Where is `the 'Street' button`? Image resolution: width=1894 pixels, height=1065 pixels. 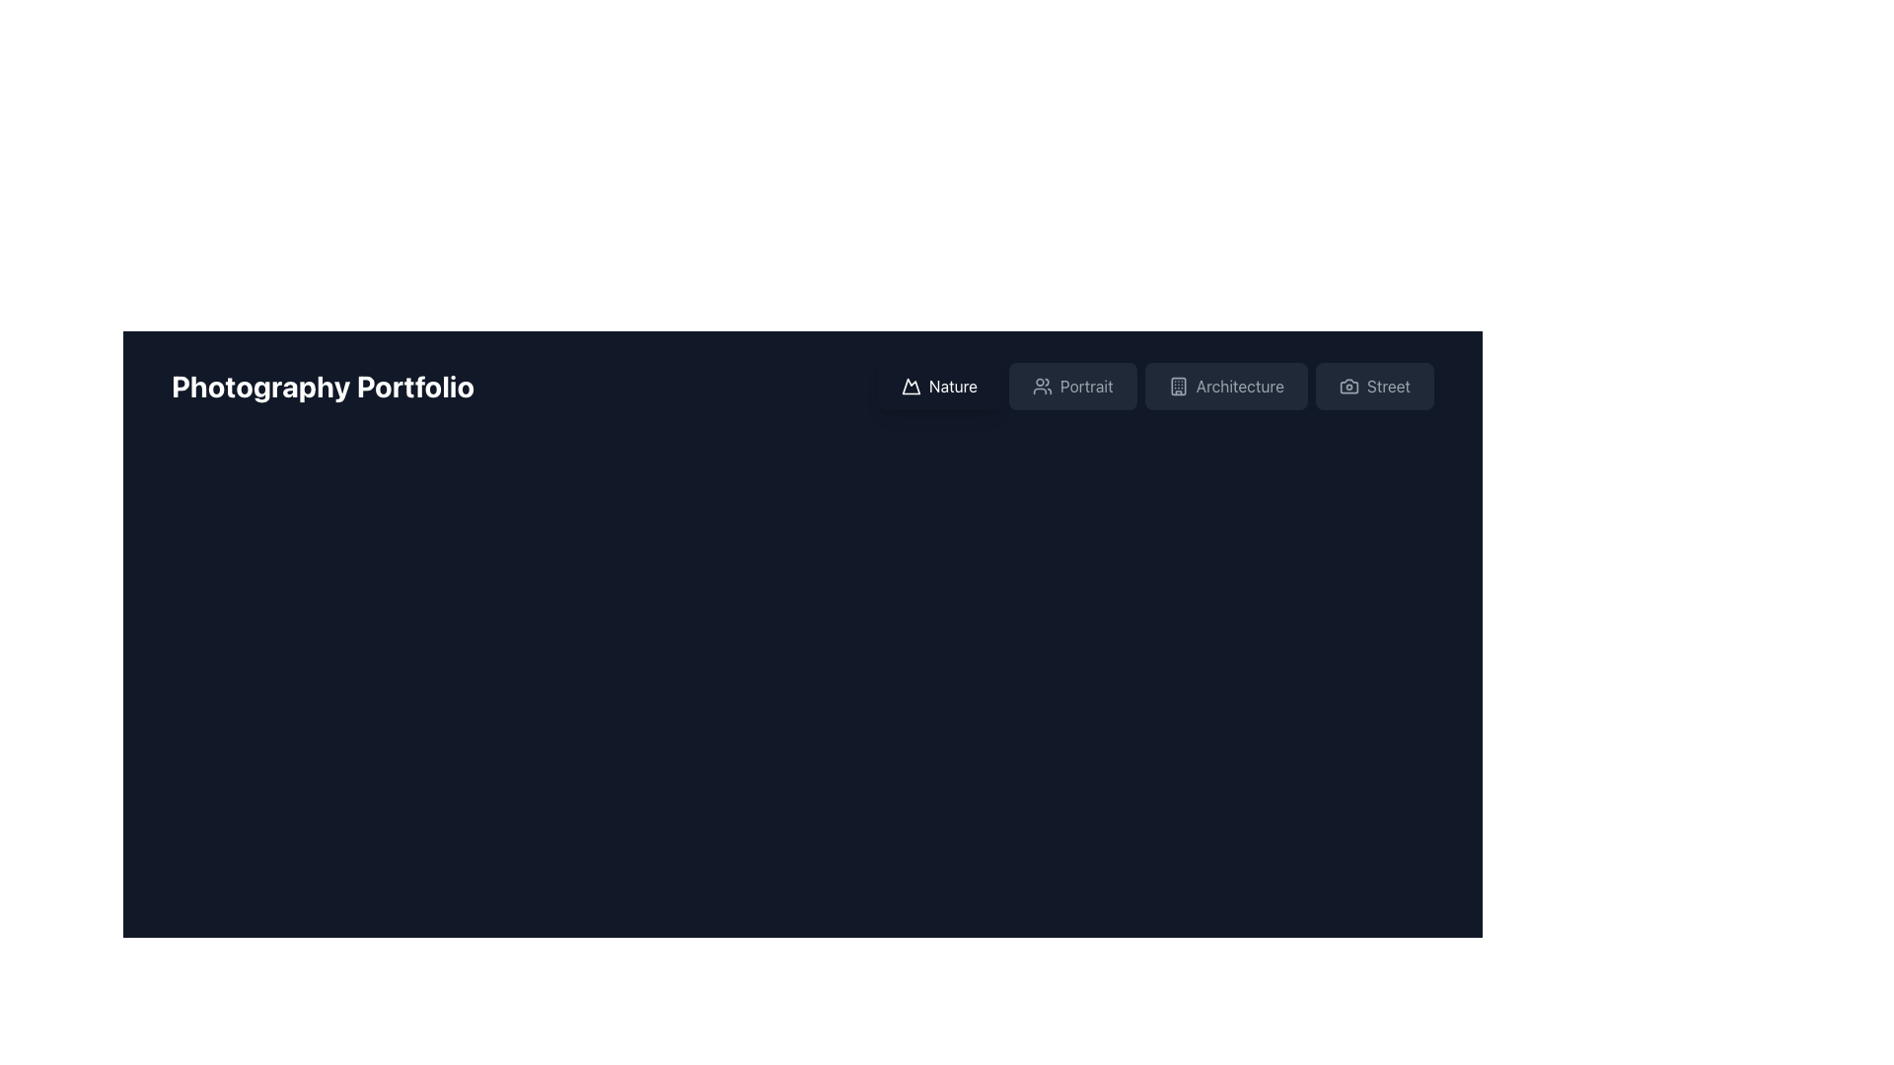 the 'Street' button is located at coordinates (1373, 387).